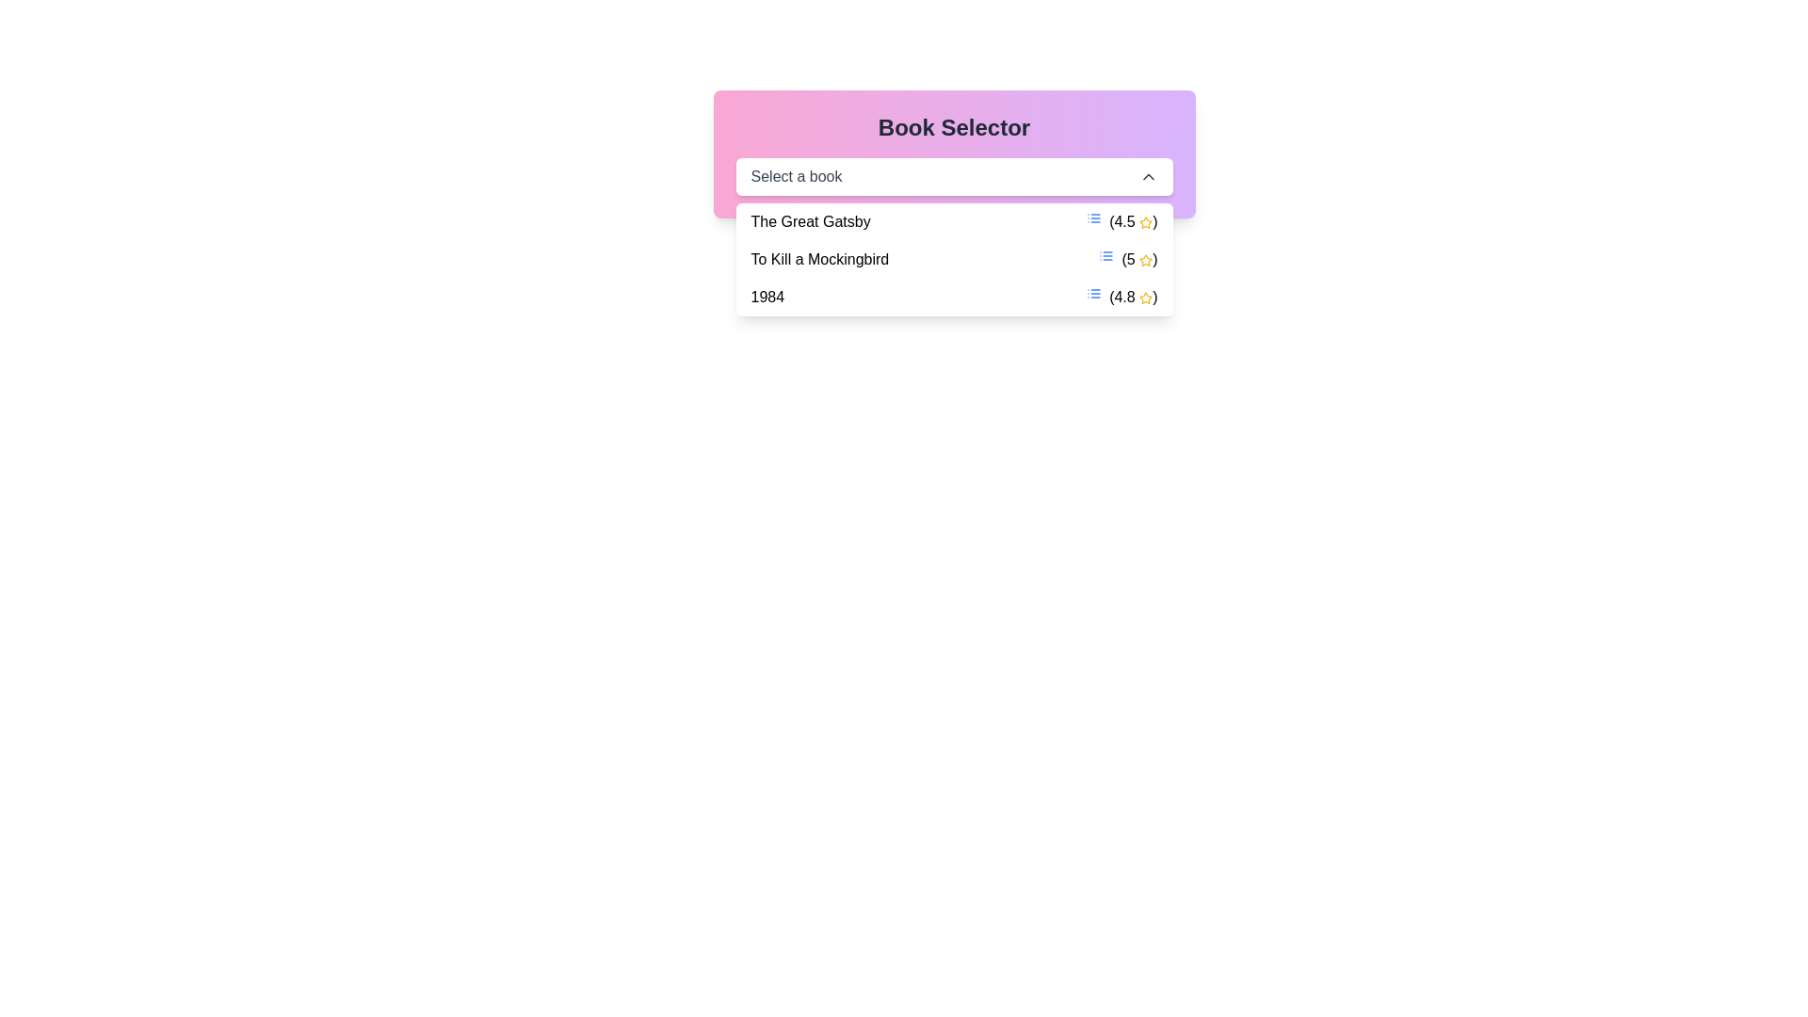 The image size is (1808, 1017). I want to click on the rating display text and icon for the book 'The Great Gatsby' to interact with it, so click(1122, 220).